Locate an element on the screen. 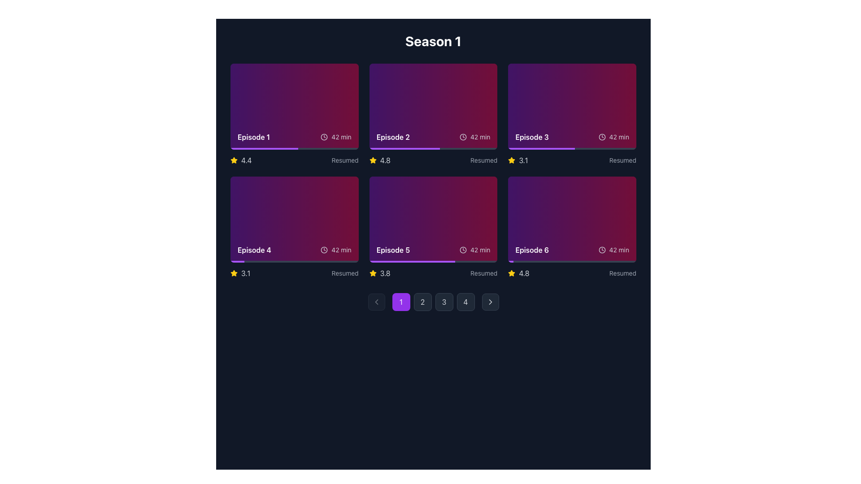 Image resolution: width=861 pixels, height=484 pixels. the small rectangular button with a right-pointing chevron icon in white color is located at coordinates (490, 302).